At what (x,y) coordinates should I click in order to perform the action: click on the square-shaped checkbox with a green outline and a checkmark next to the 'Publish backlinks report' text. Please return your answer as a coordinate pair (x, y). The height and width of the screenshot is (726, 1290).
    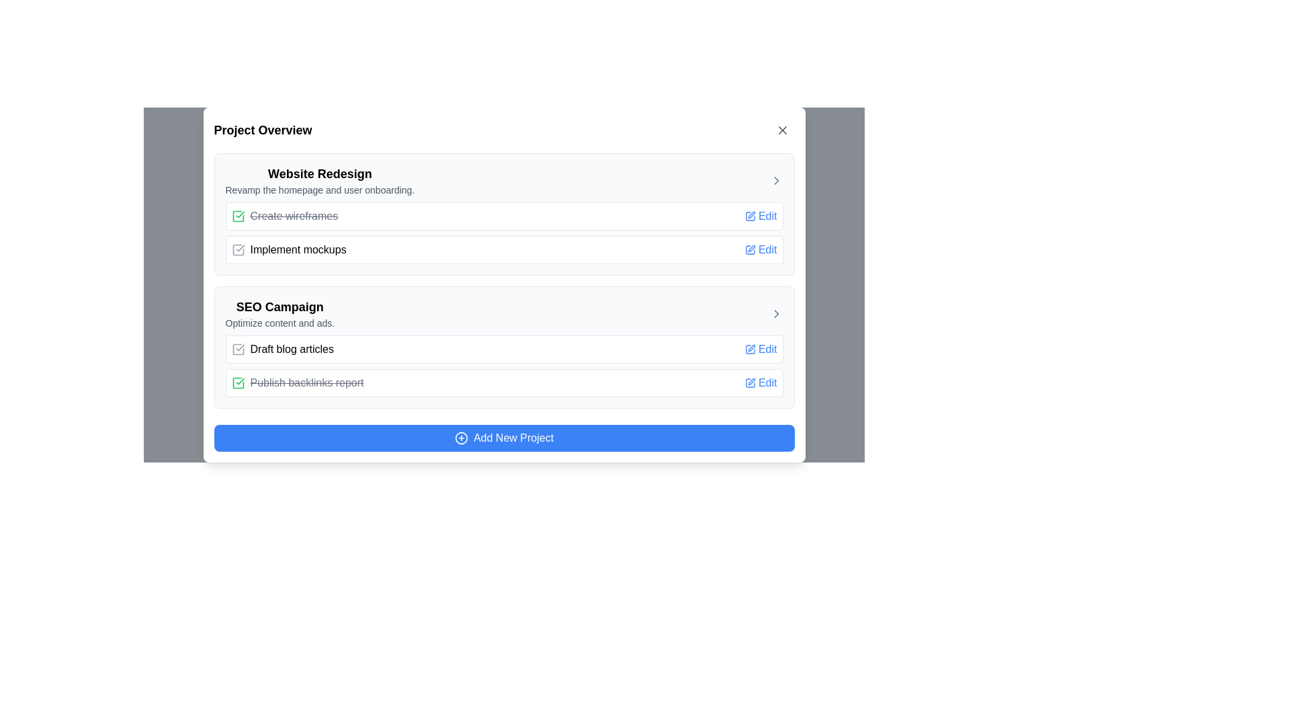
    Looking at the image, I should click on (238, 383).